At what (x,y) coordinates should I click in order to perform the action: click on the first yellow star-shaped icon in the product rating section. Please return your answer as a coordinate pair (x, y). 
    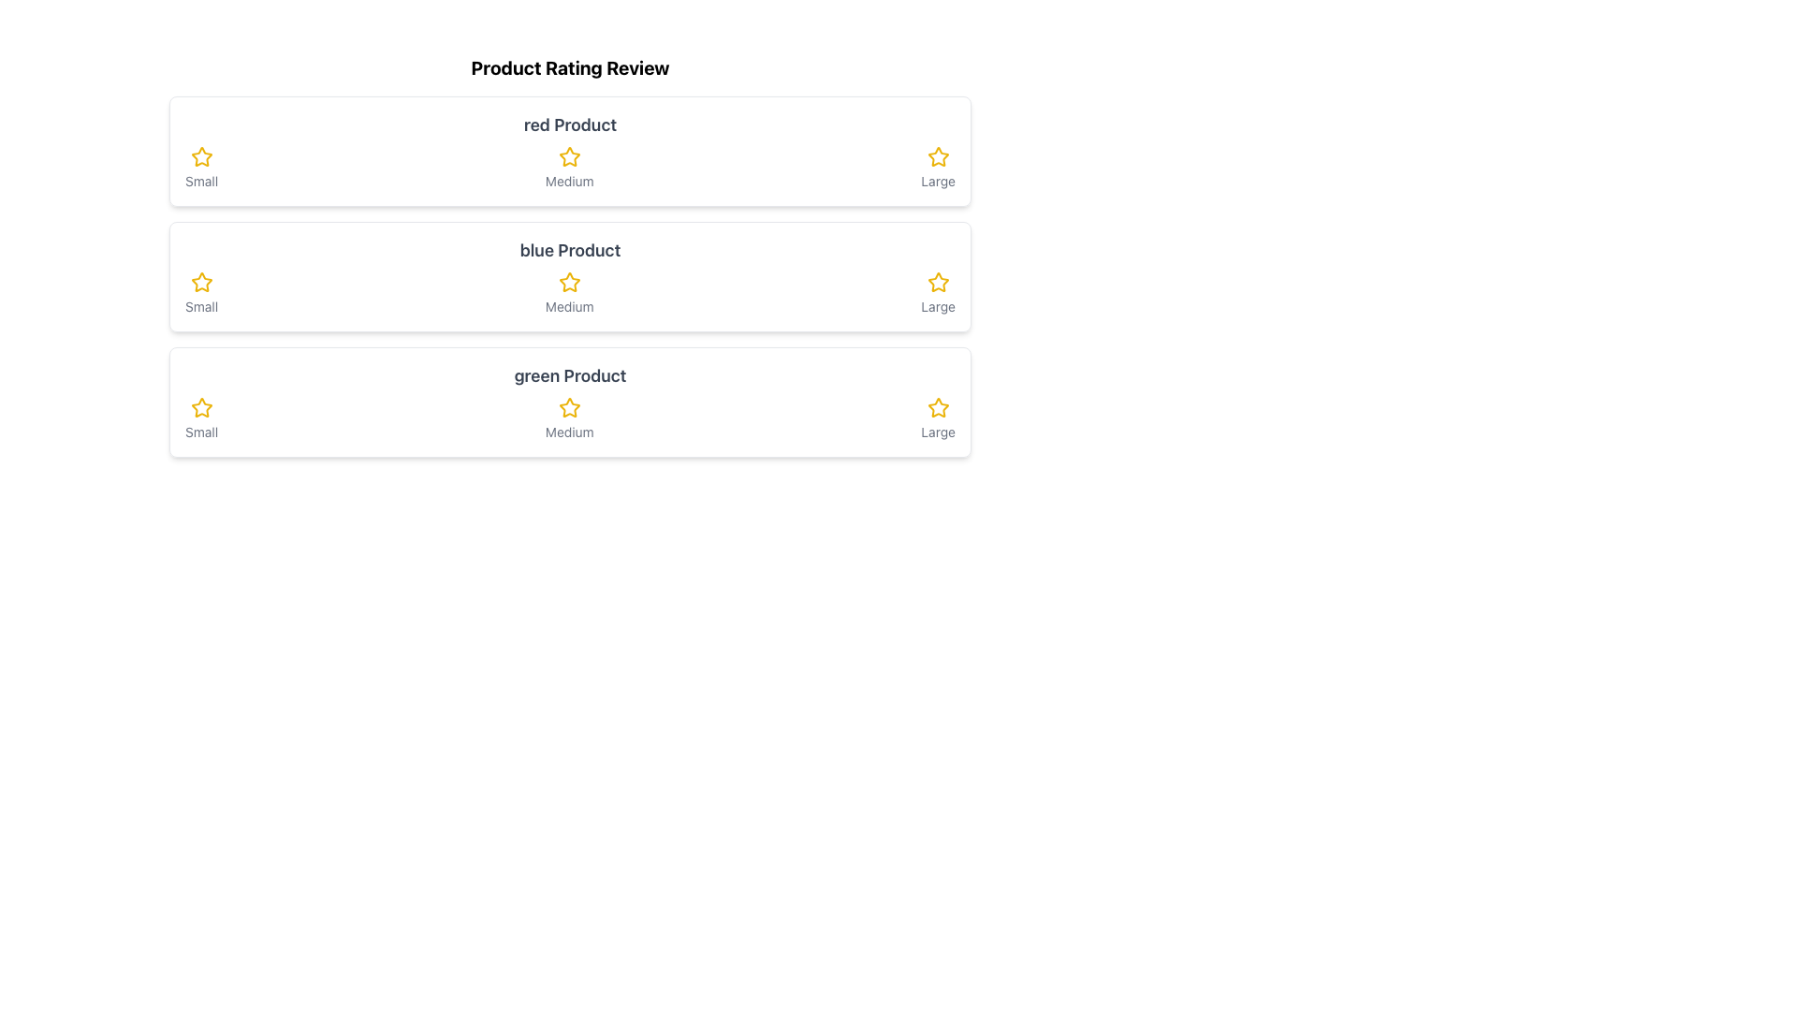
    Looking at the image, I should click on (201, 406).